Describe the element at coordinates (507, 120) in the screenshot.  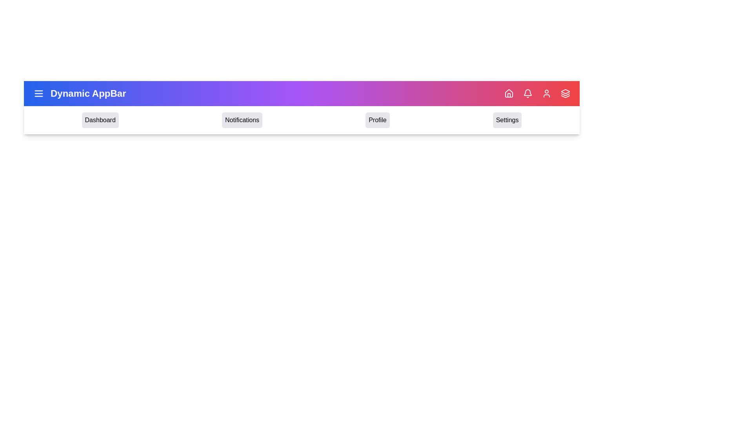
I see `the navigation icon for Settings to navigate to that section` at that location.